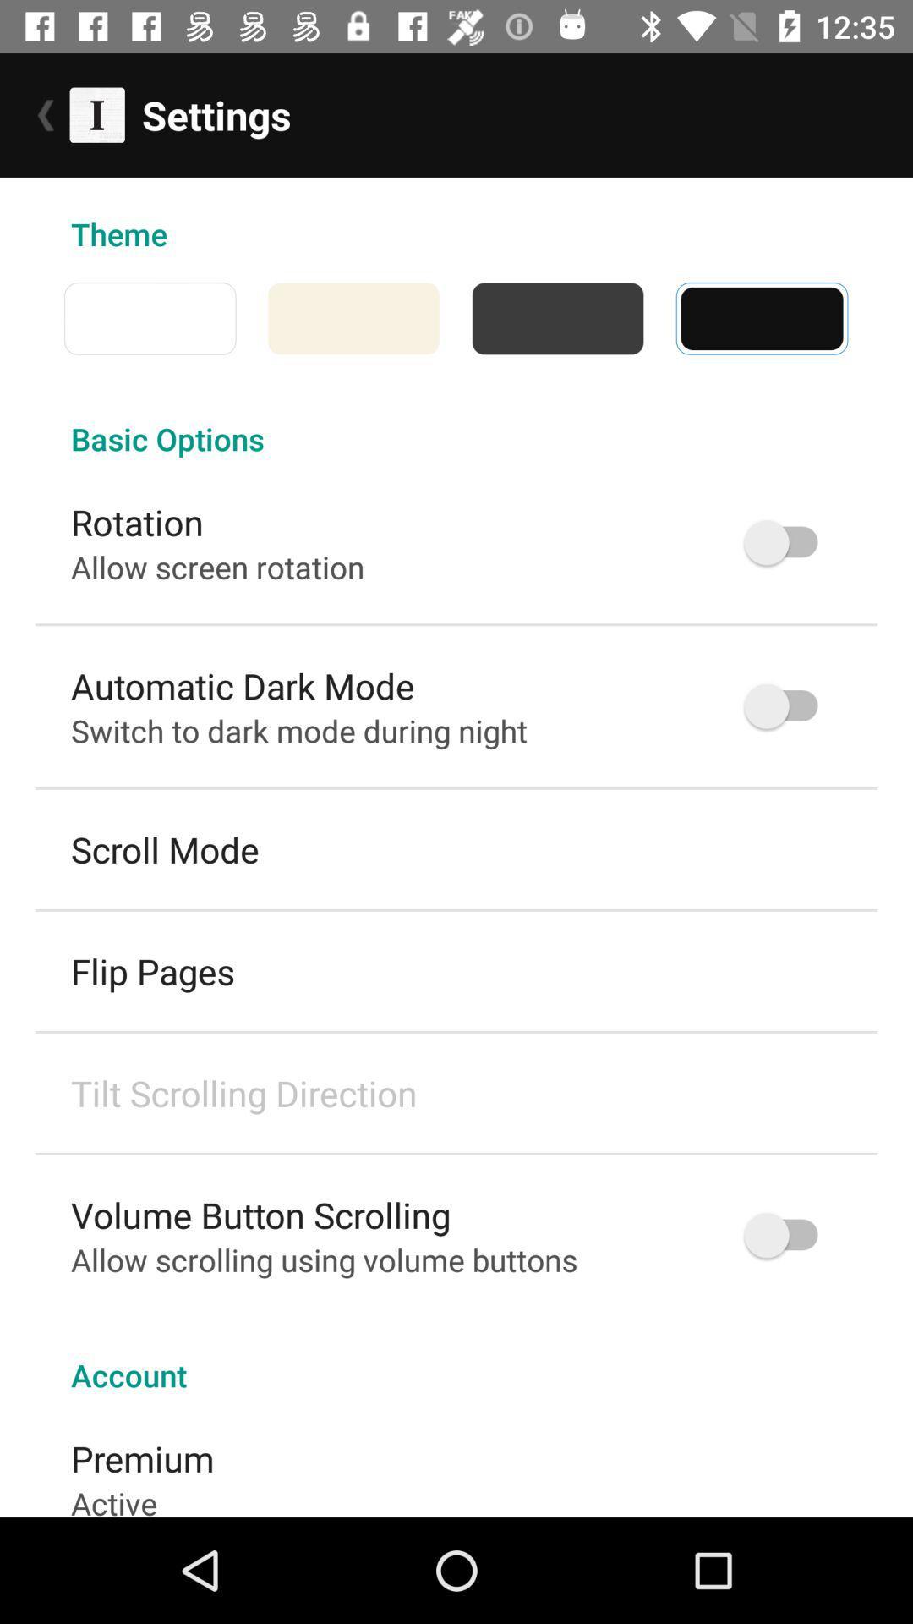 Image resolution: width=913 pixels, height=1624 pixels. What do you see at coordinates (456, 215) in the screenshot?
I see `the theme icon` at bounding box center [456, 215].